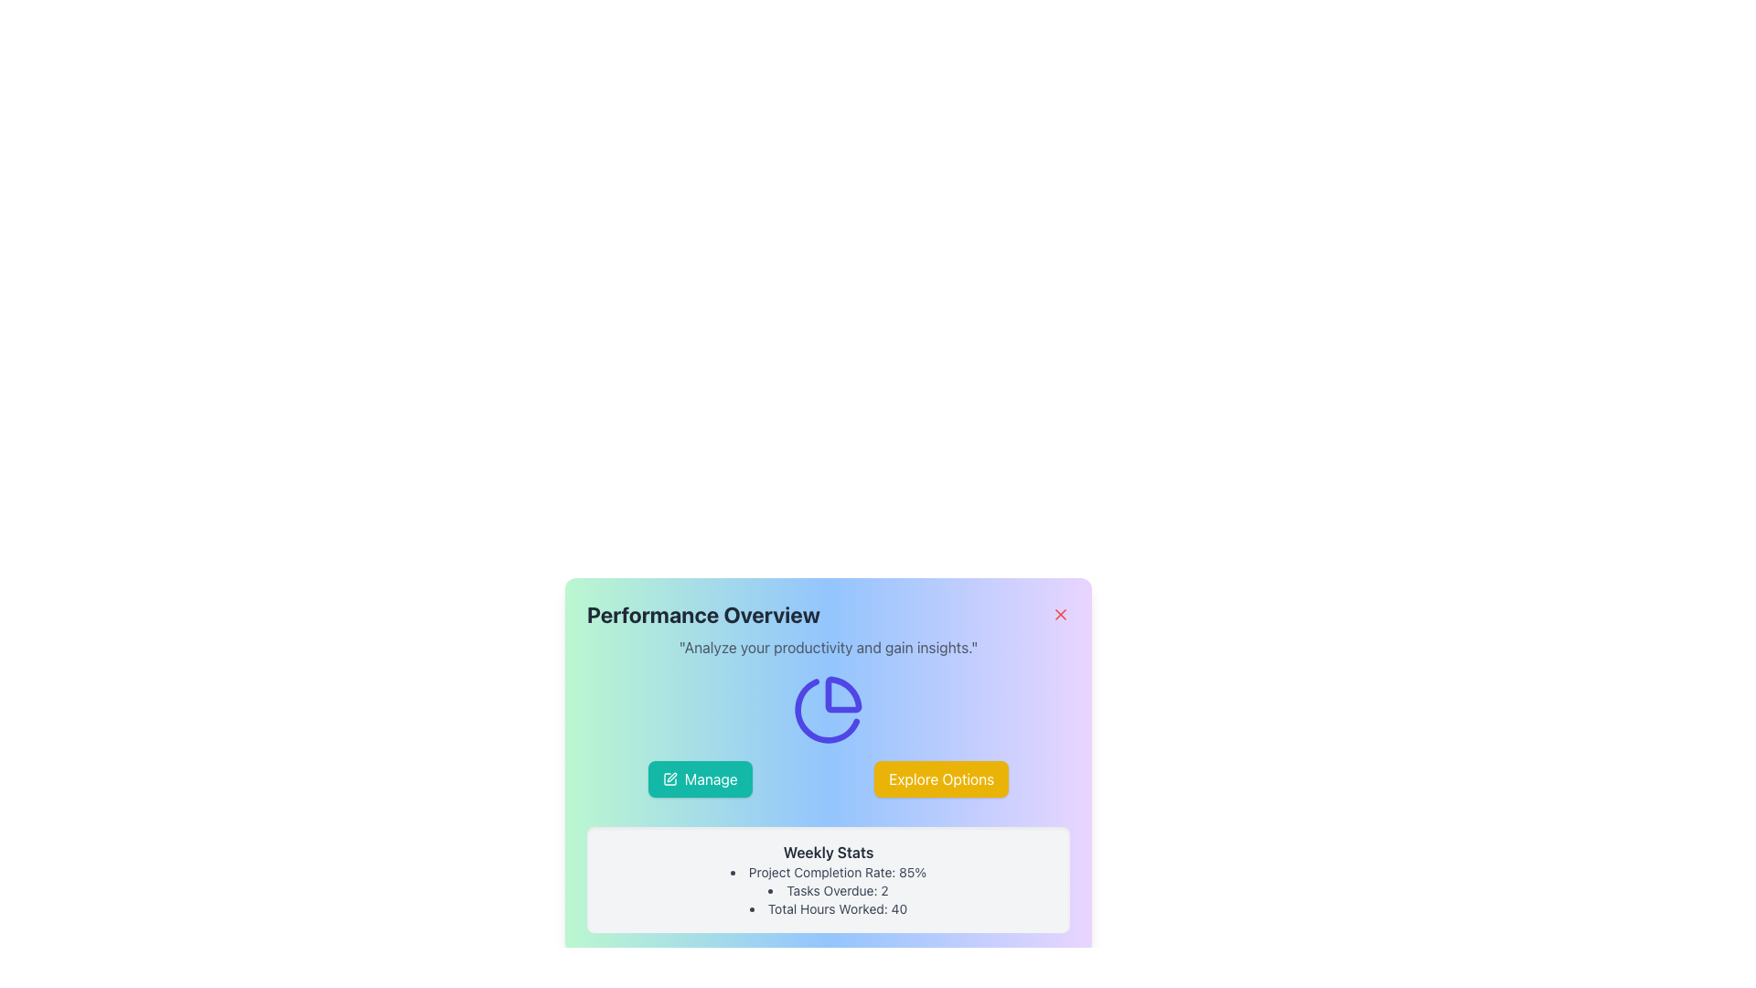 Image resolution: width=1756 pixels, height=988 pixels. What do you see at coordinates (828, 647) in the screenshot?
I see `the static text displaying the message 'Analyze your productivity and gain insights.' which is styled with a gray font and centered alignment, located between the header 'Performance Overview' and a graphical chart icon` at bounding box center [828, 647].